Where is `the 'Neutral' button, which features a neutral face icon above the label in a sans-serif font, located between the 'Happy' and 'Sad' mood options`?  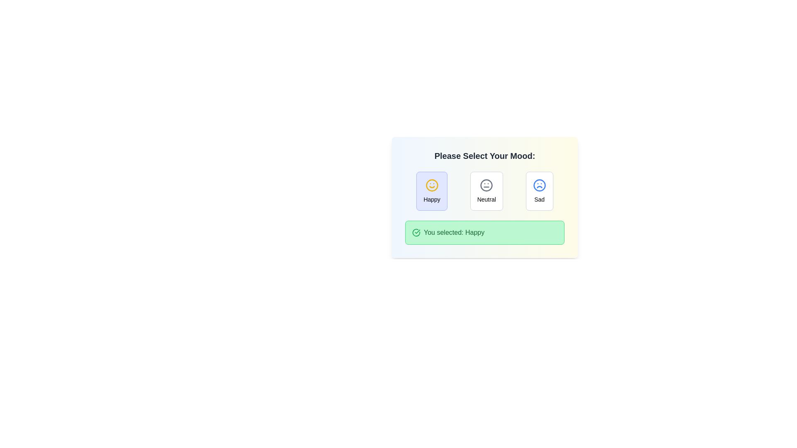 the 'Neutral' button, which features a neutral face icon above the label in a sans-serif font, located between the 'Happy' and 'Sad' mood options is located at coordinates (487, 191).